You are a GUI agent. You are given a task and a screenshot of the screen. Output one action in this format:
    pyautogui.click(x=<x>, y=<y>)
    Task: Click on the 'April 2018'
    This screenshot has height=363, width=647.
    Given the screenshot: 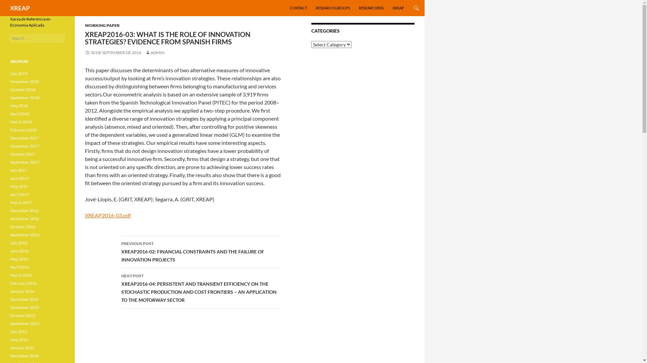 What is the action you would take?
    pyautogui.click(x=19, y=113)
    